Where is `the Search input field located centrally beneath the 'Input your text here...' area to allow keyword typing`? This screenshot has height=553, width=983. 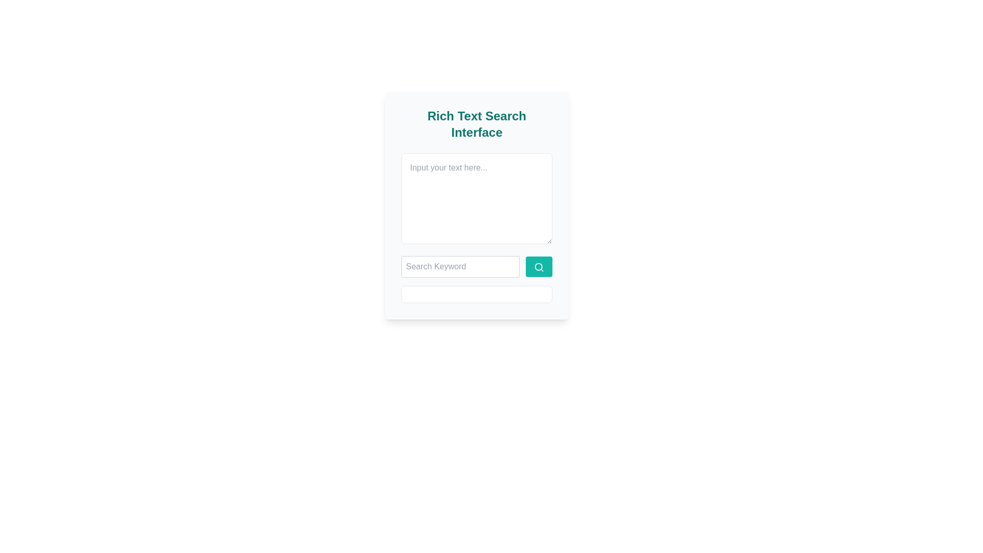 the Search input field located centrally beneath the 'Input your text here...' area to allow keyword typing is located at coordinates (476, 266).